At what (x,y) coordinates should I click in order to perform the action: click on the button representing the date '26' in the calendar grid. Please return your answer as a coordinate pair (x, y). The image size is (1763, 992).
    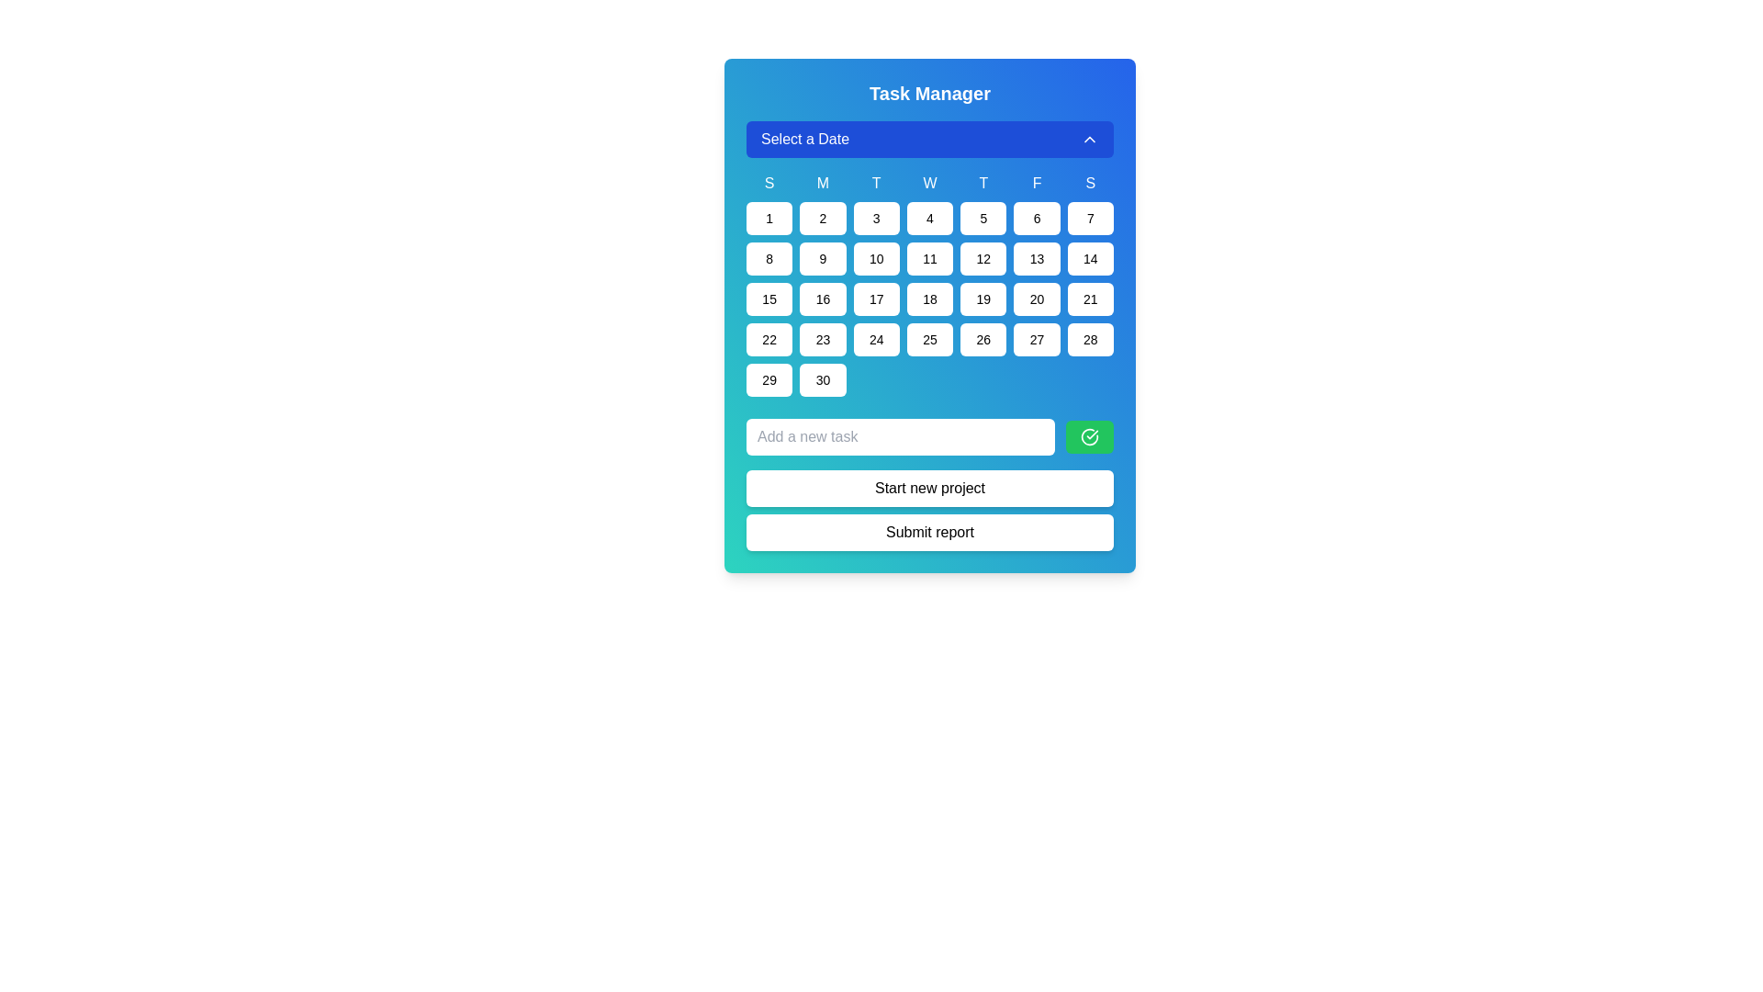
    Looking at the image, I should click on (983, 340).